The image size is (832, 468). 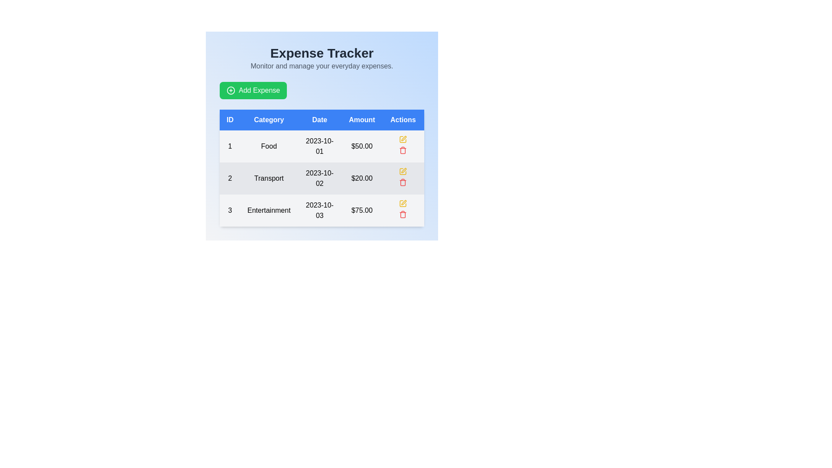 What do you see at coordinates (231, 90) in the screenshot?
I see `the circular green-themed icon with a plus sign located to the left of the 'Add Expense' button's text` at bounding box center [231, 90].